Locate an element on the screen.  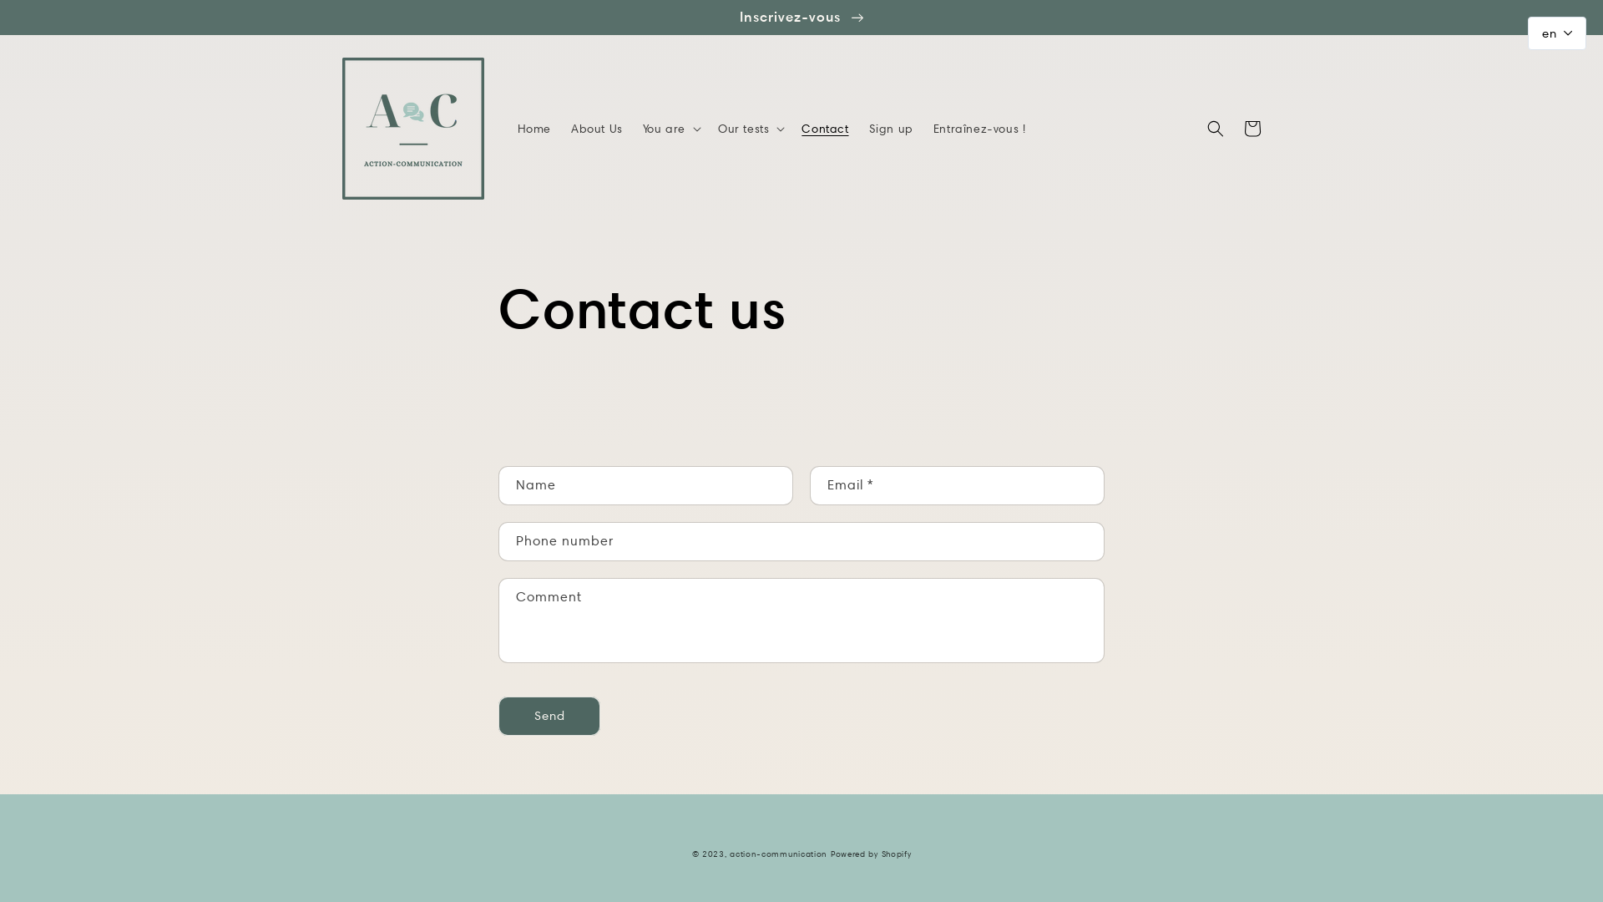
'Send' is located at coordinates (549, 715).